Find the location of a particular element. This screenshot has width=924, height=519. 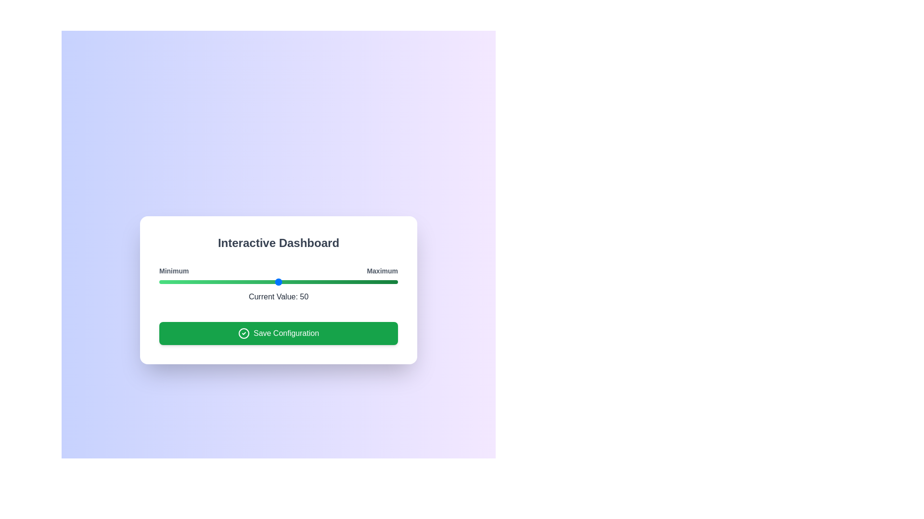

the slider to set its value to 29 is located at coordinates (228, 281).